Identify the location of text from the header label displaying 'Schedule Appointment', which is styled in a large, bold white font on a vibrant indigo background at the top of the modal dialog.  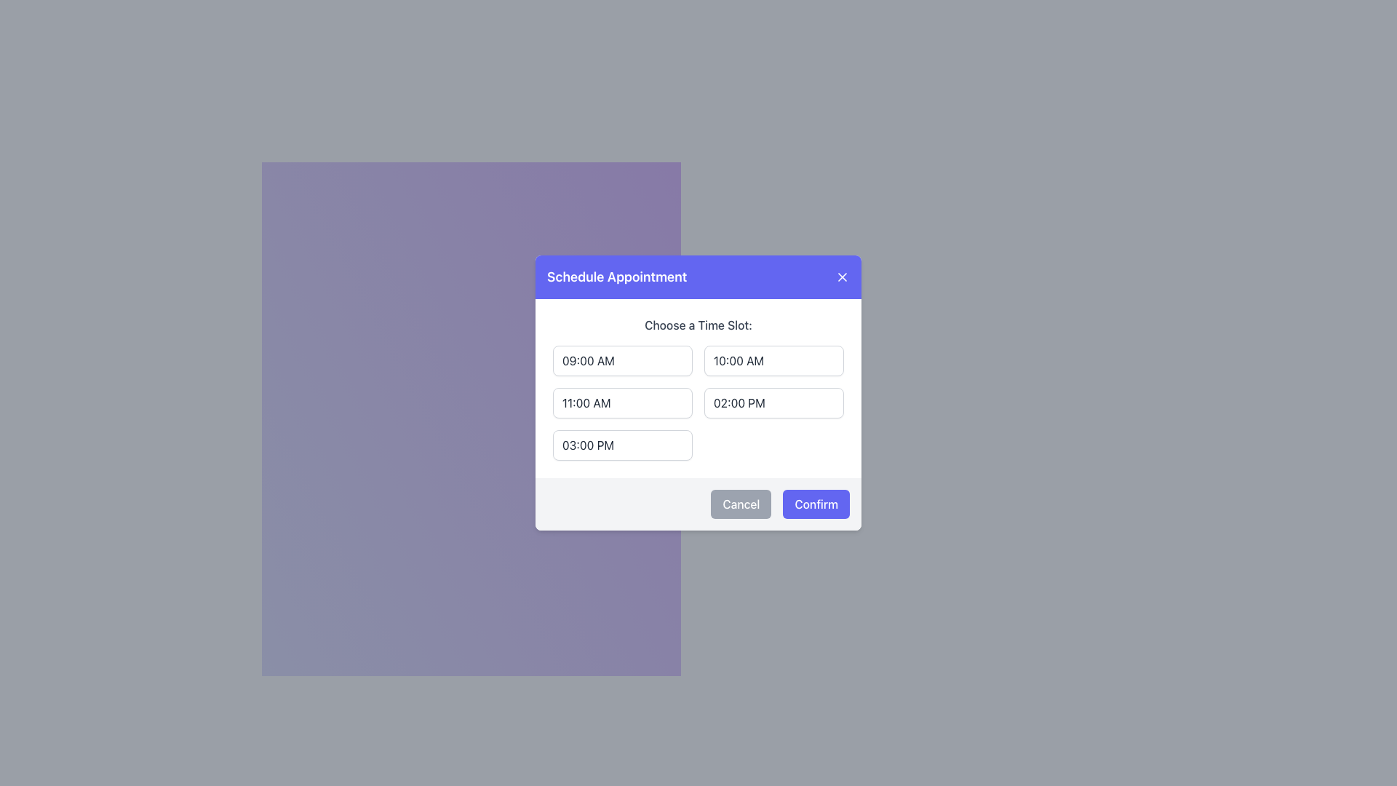
(617, 277).